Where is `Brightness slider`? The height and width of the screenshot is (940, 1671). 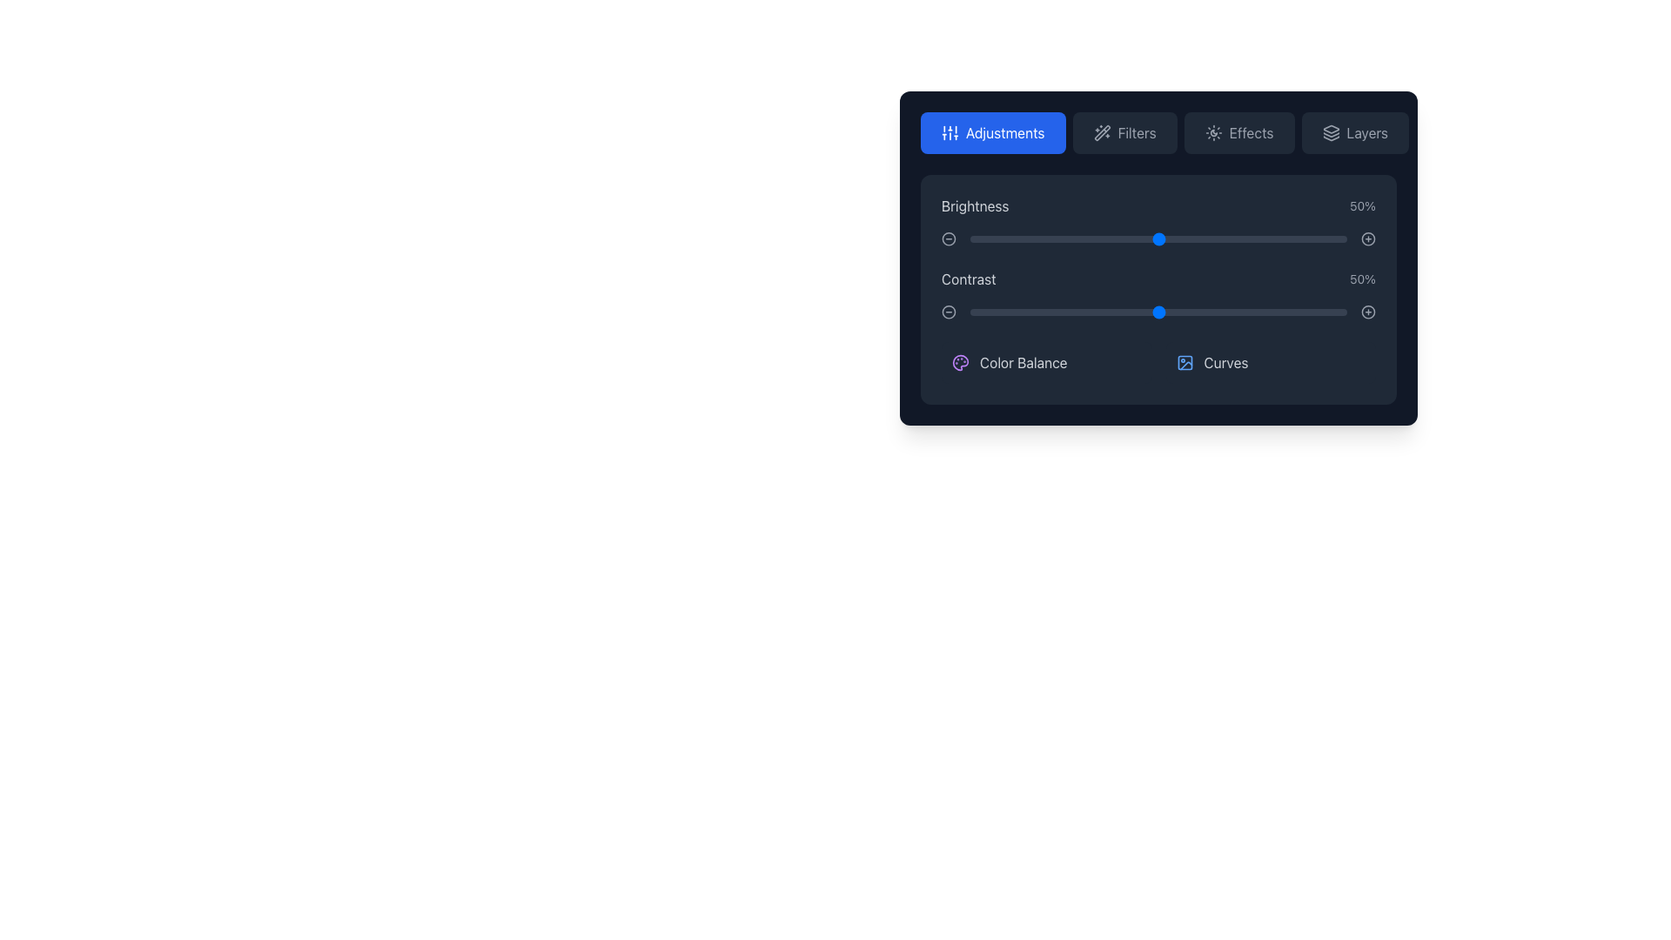
Brightness slider is located at coordinates (1184, 238).